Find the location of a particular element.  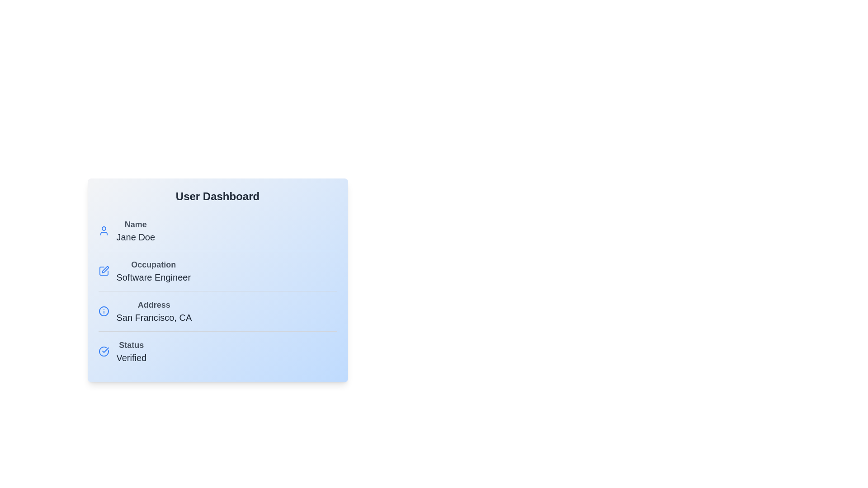

the blue pencil icon next to the 'Occupation' label is located at coordinates (104, 271).